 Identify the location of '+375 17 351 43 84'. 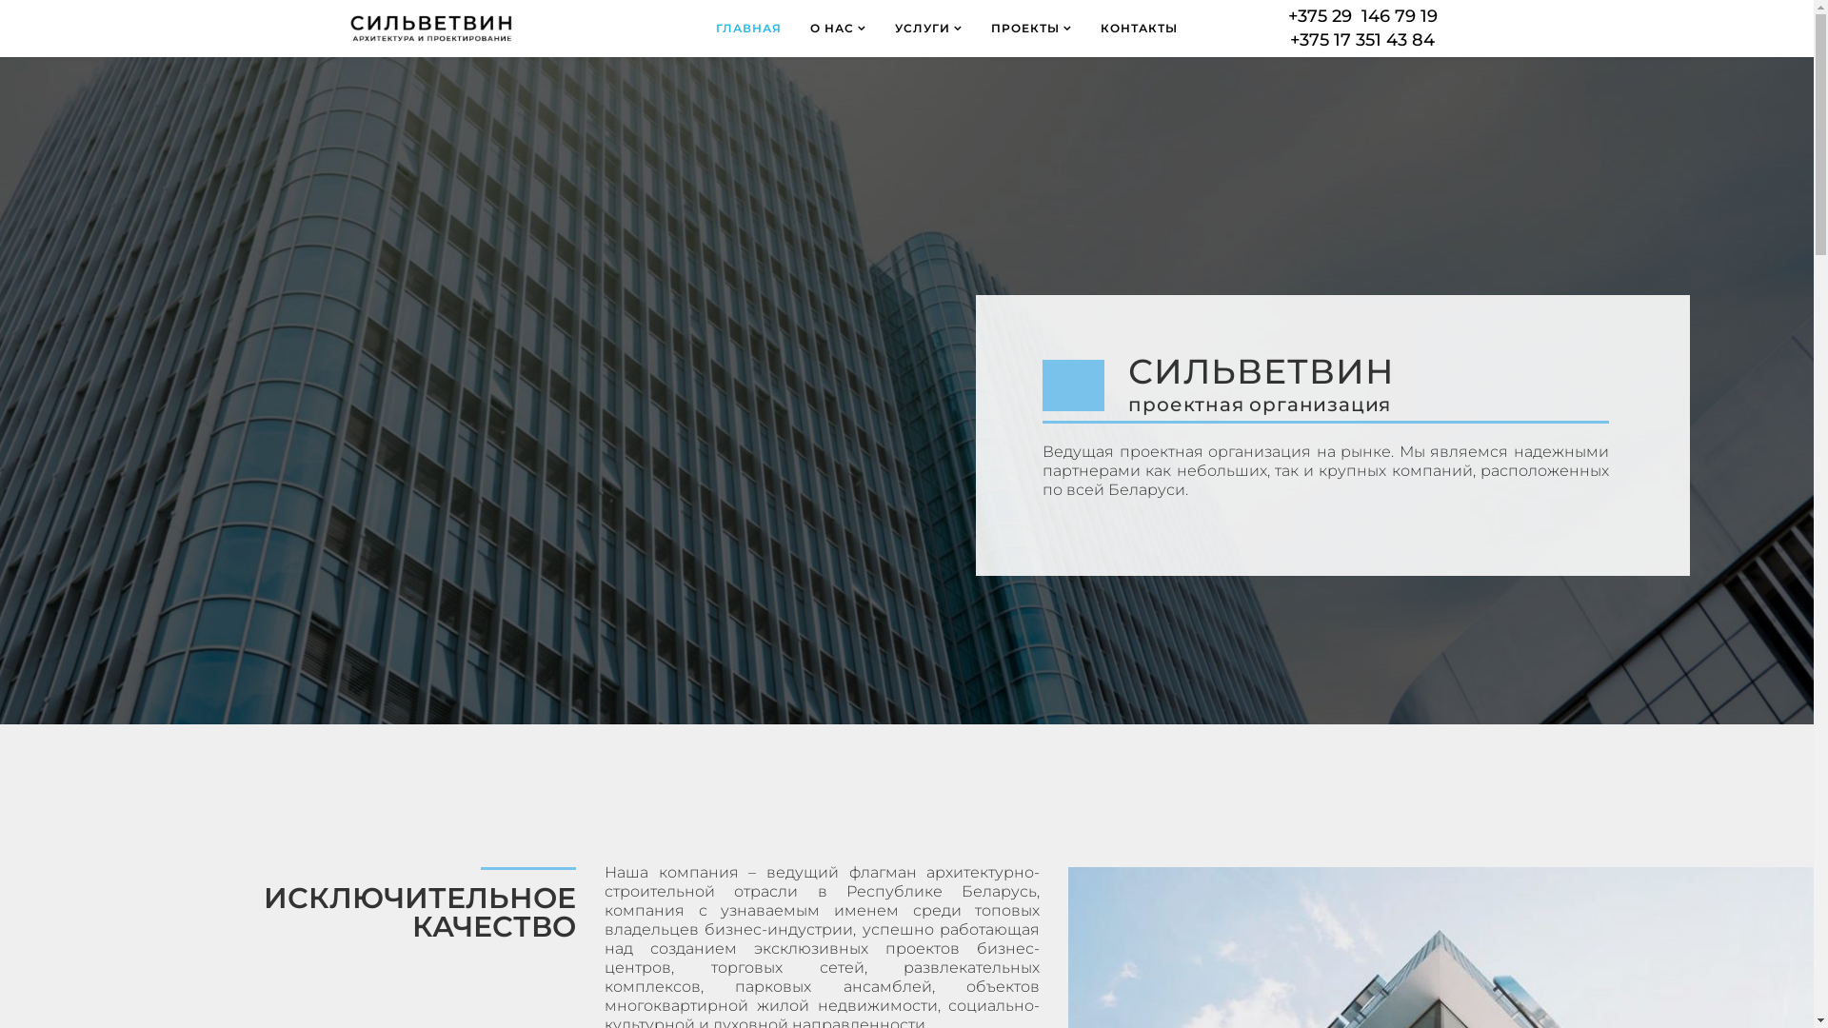
(1289, 40).